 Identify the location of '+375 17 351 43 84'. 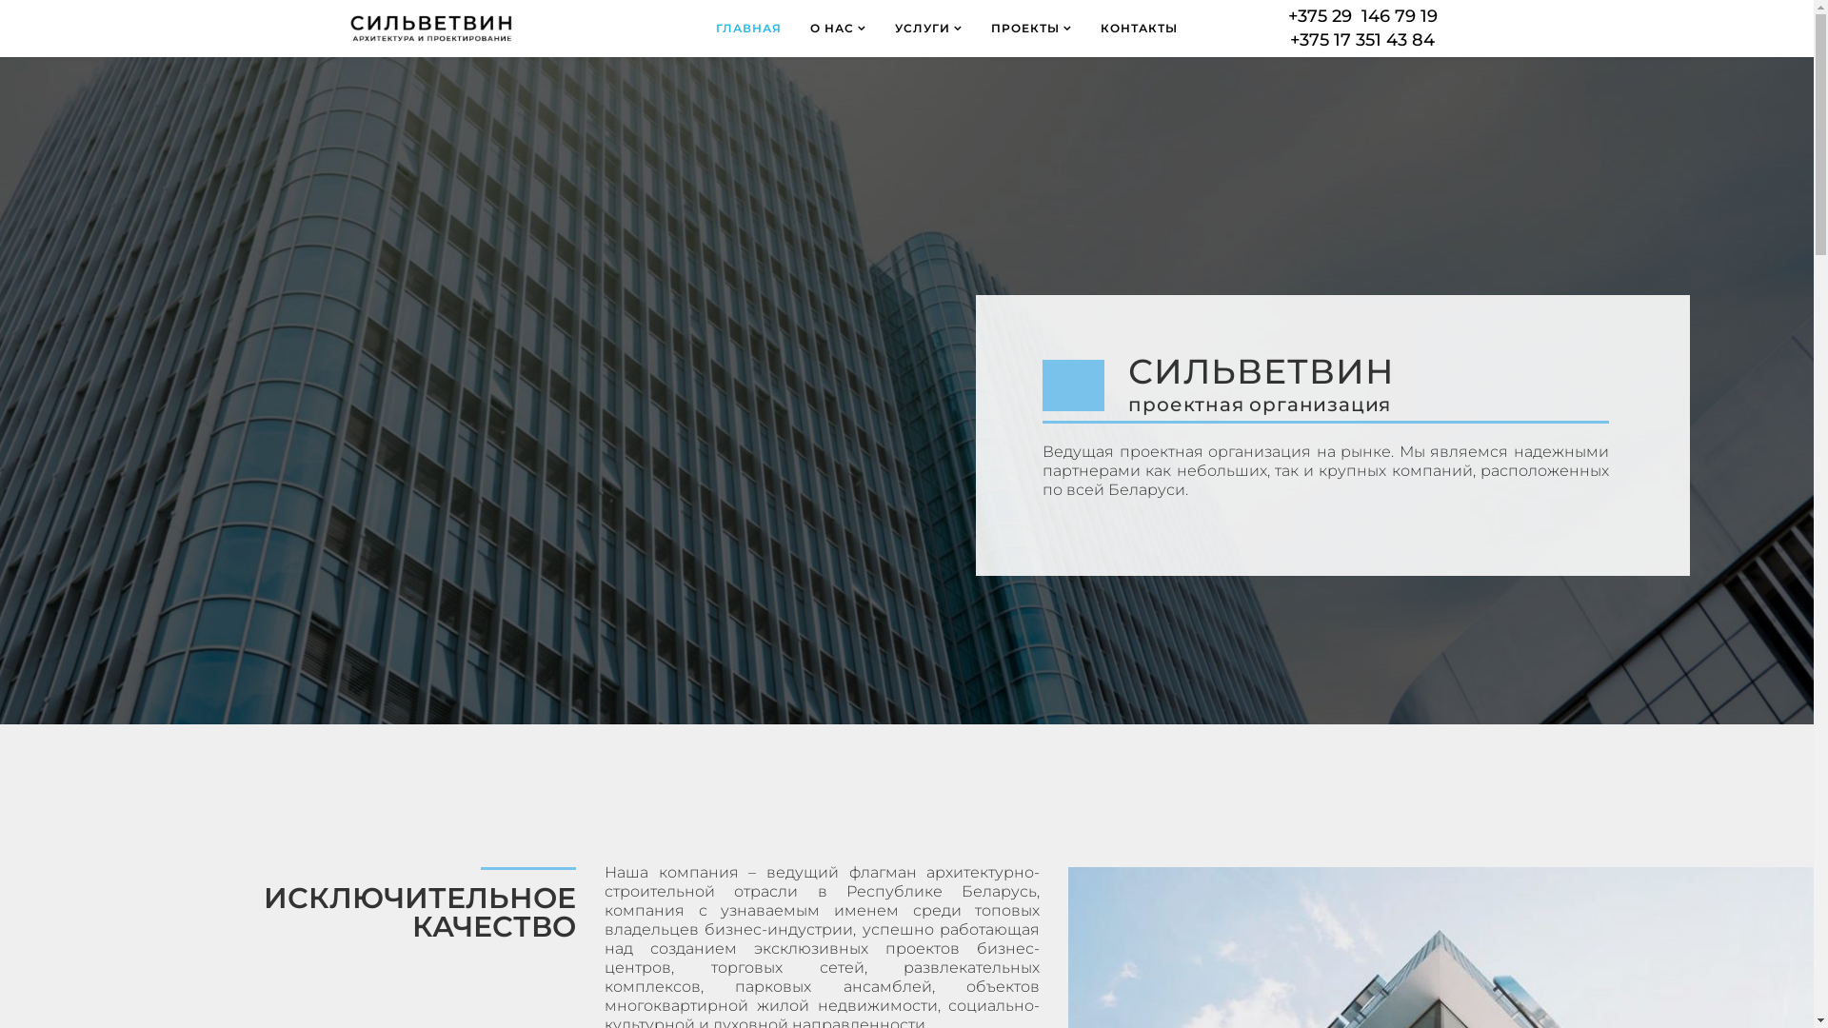
(1289, 40).